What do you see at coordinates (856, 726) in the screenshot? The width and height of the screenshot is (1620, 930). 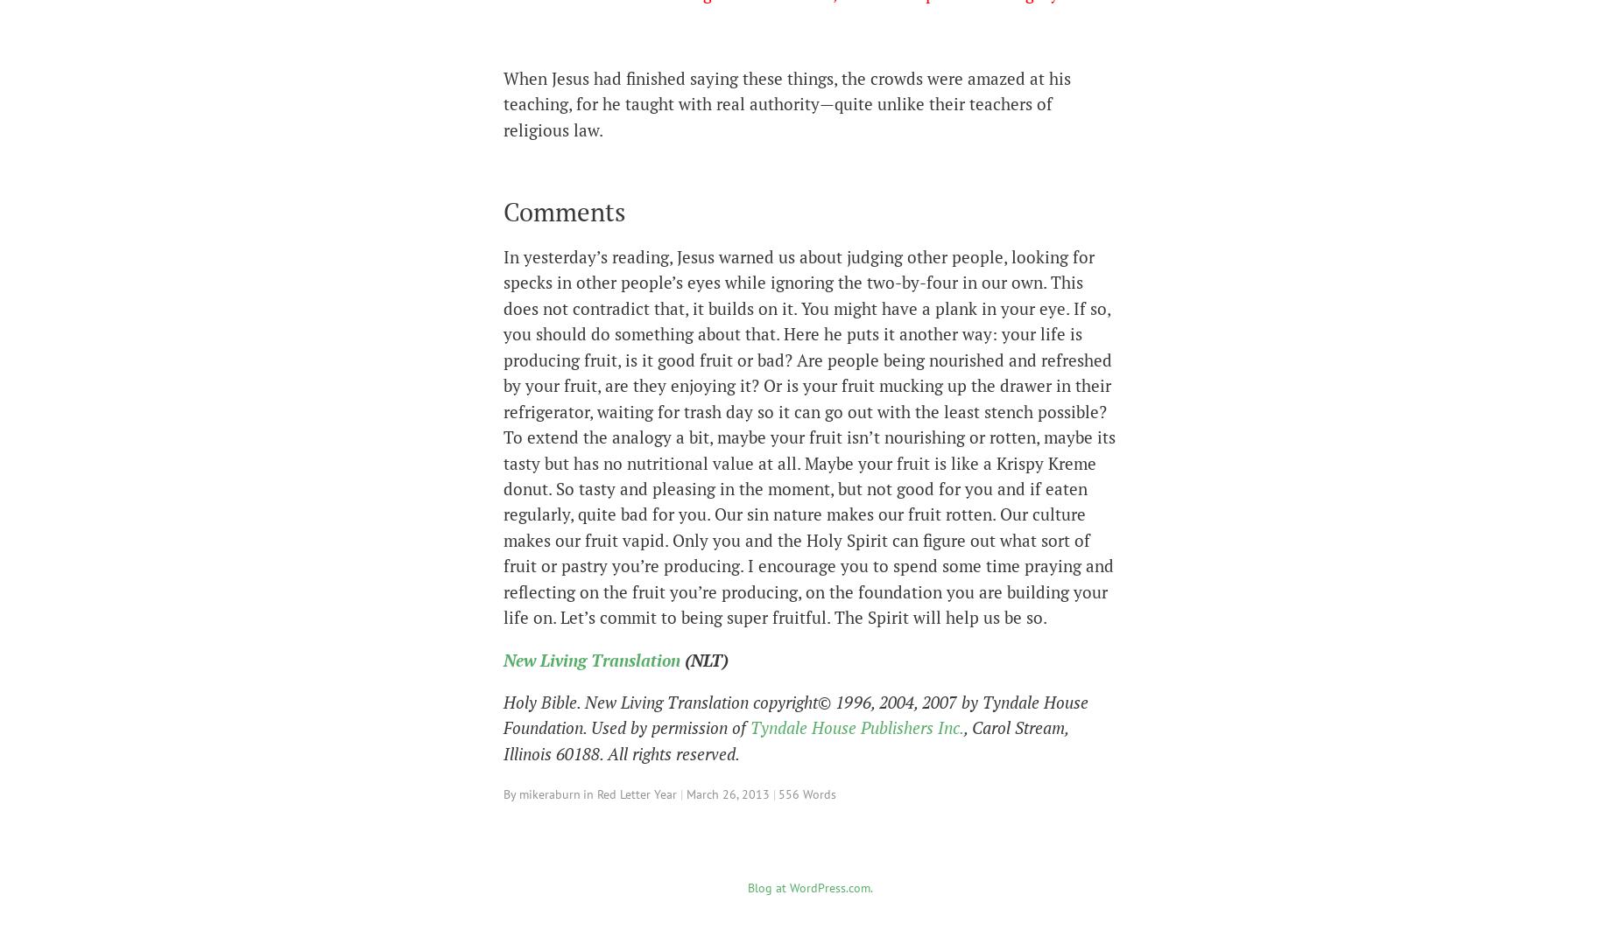 I see `'Tyndale House Publishers Inc.'` at bounding box center [856, 726].